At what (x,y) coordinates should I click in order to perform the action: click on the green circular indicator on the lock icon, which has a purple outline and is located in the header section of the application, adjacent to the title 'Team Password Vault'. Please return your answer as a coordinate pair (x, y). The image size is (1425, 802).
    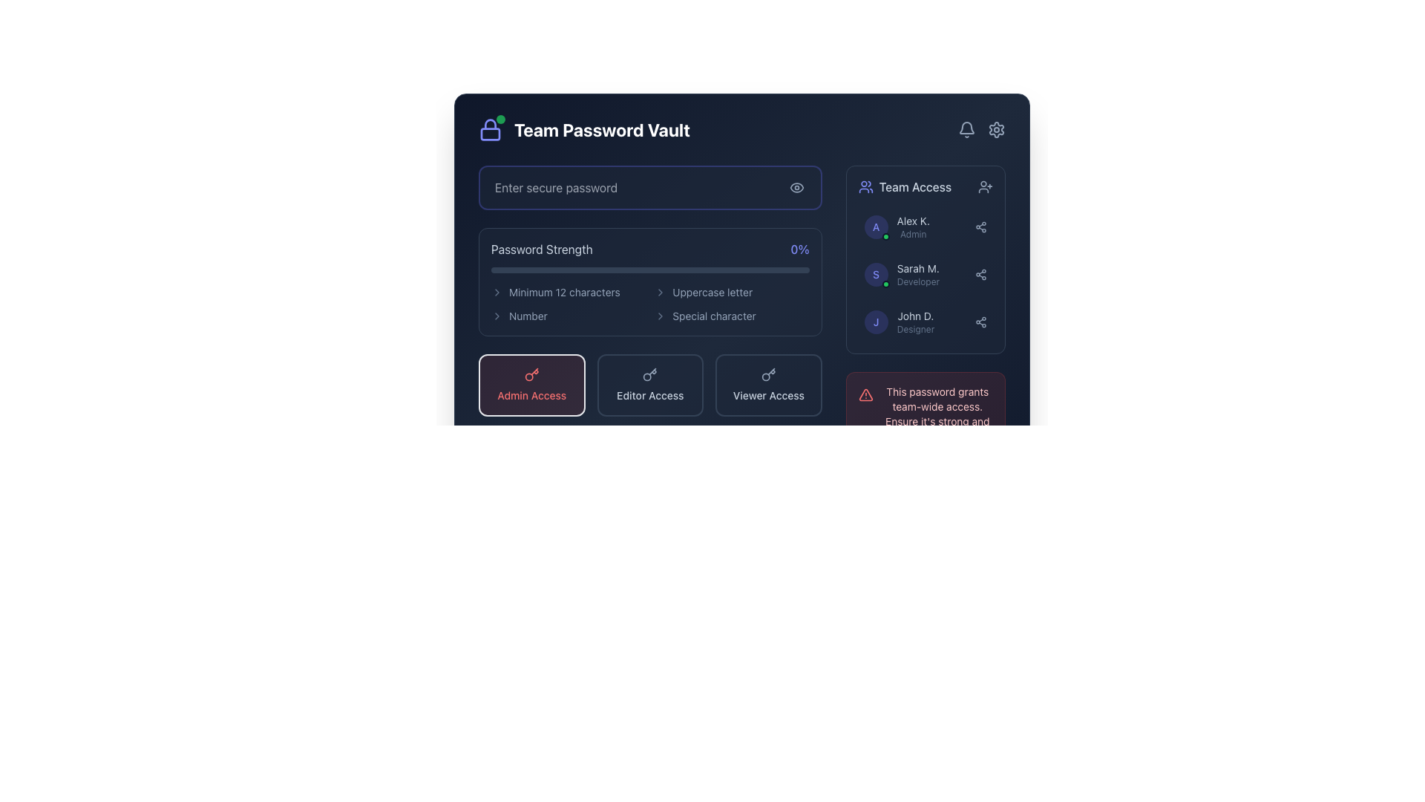
    Looking at the image, I should click on (491, 128).